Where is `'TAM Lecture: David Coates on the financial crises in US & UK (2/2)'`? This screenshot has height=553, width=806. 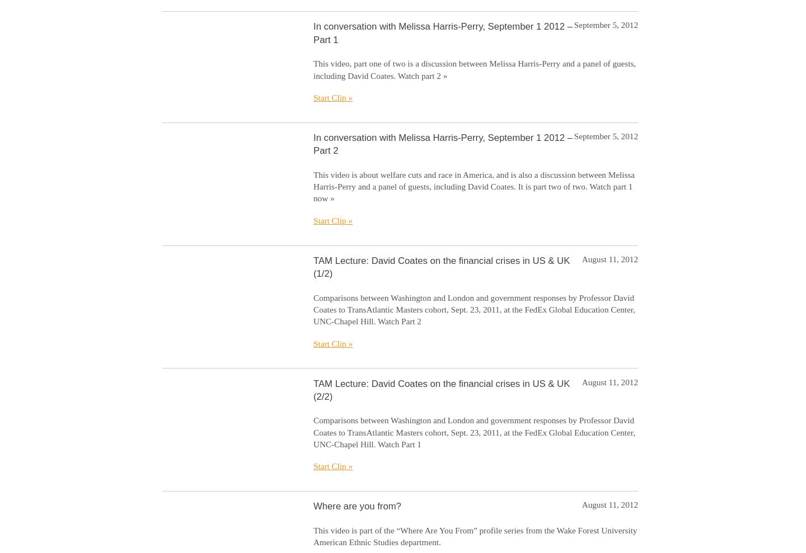
'TAM Lecture: David Coates on the financial crises in US & UK (2/2)' is located at coordinates (313, 389).